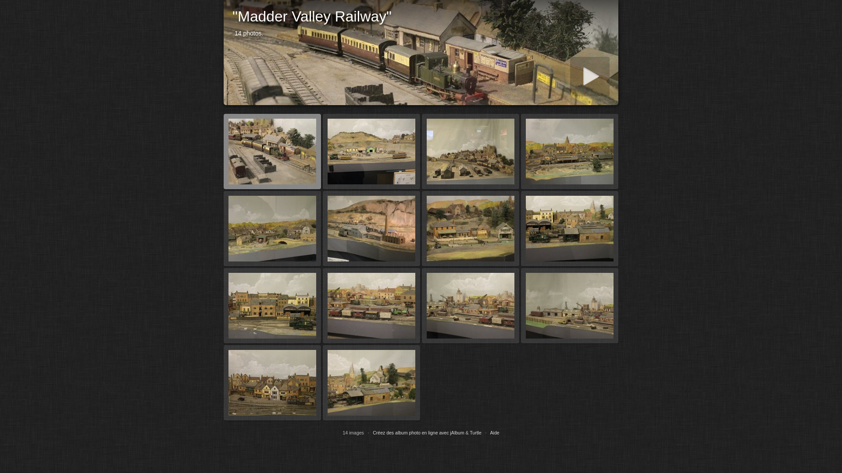 The width and height of the screenshot is (842, 473). What do you see at coordinates (475, 432) in the screenshot?
I see `'Turtle'` at bounding box center [475, 432].